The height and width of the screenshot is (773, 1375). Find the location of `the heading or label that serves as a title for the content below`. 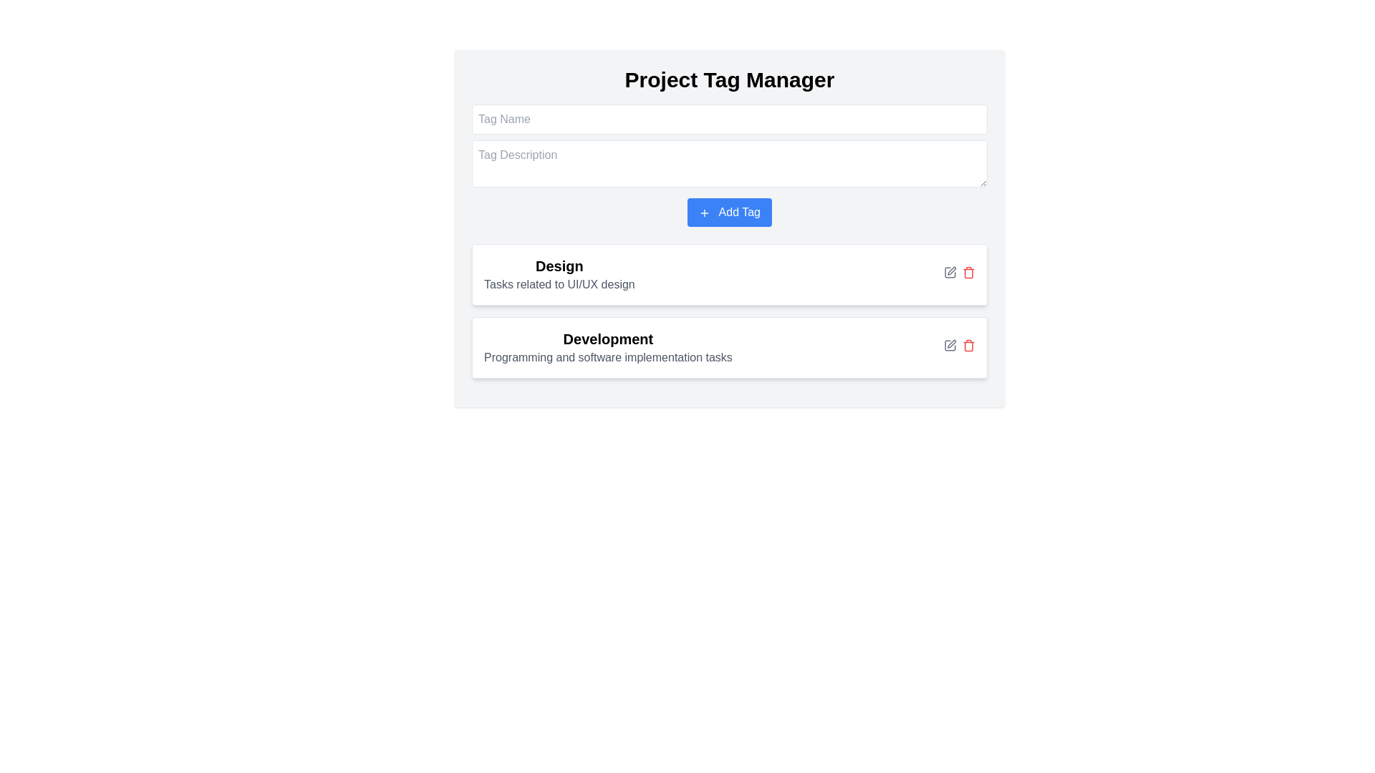

the heading or label that serves as a title for the content below is located at coordinates (559, 266).